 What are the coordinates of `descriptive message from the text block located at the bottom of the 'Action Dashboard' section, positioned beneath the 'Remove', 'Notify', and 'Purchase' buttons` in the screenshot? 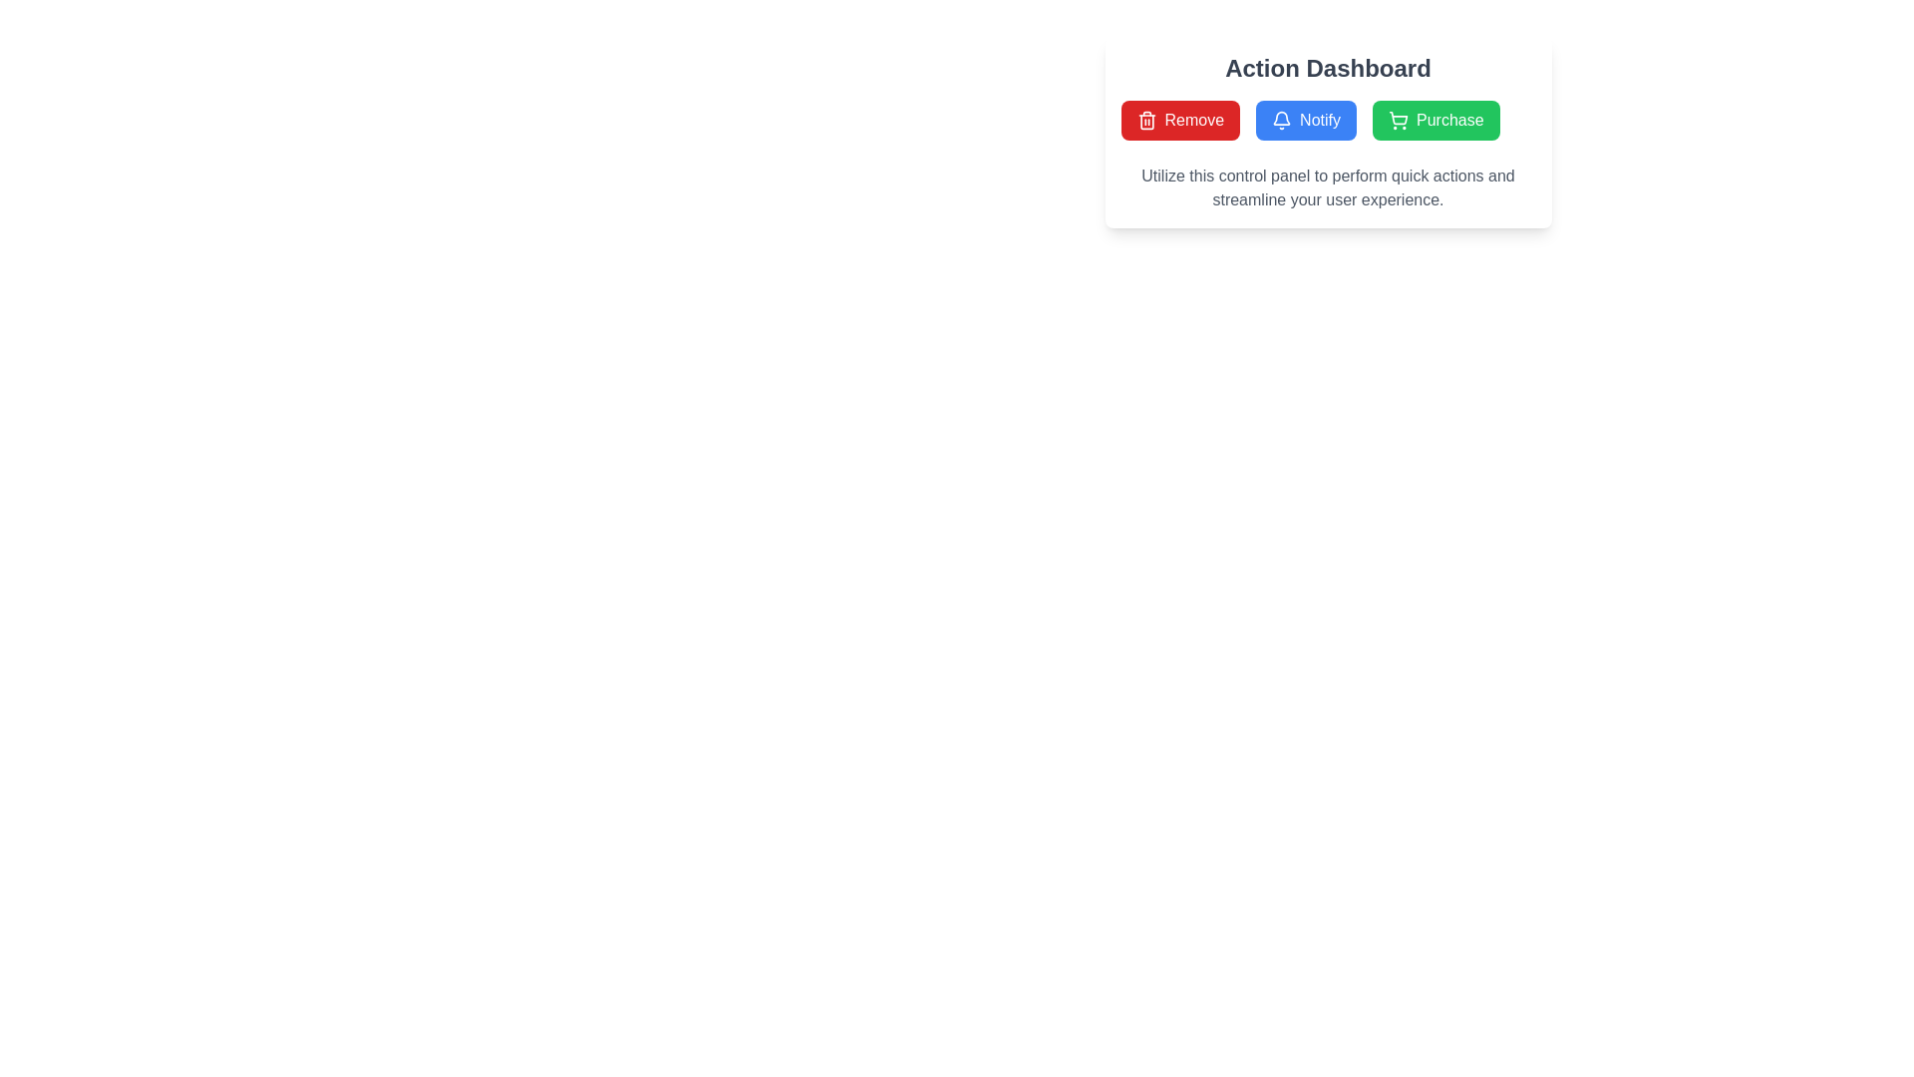 It's located at (1328, 188).